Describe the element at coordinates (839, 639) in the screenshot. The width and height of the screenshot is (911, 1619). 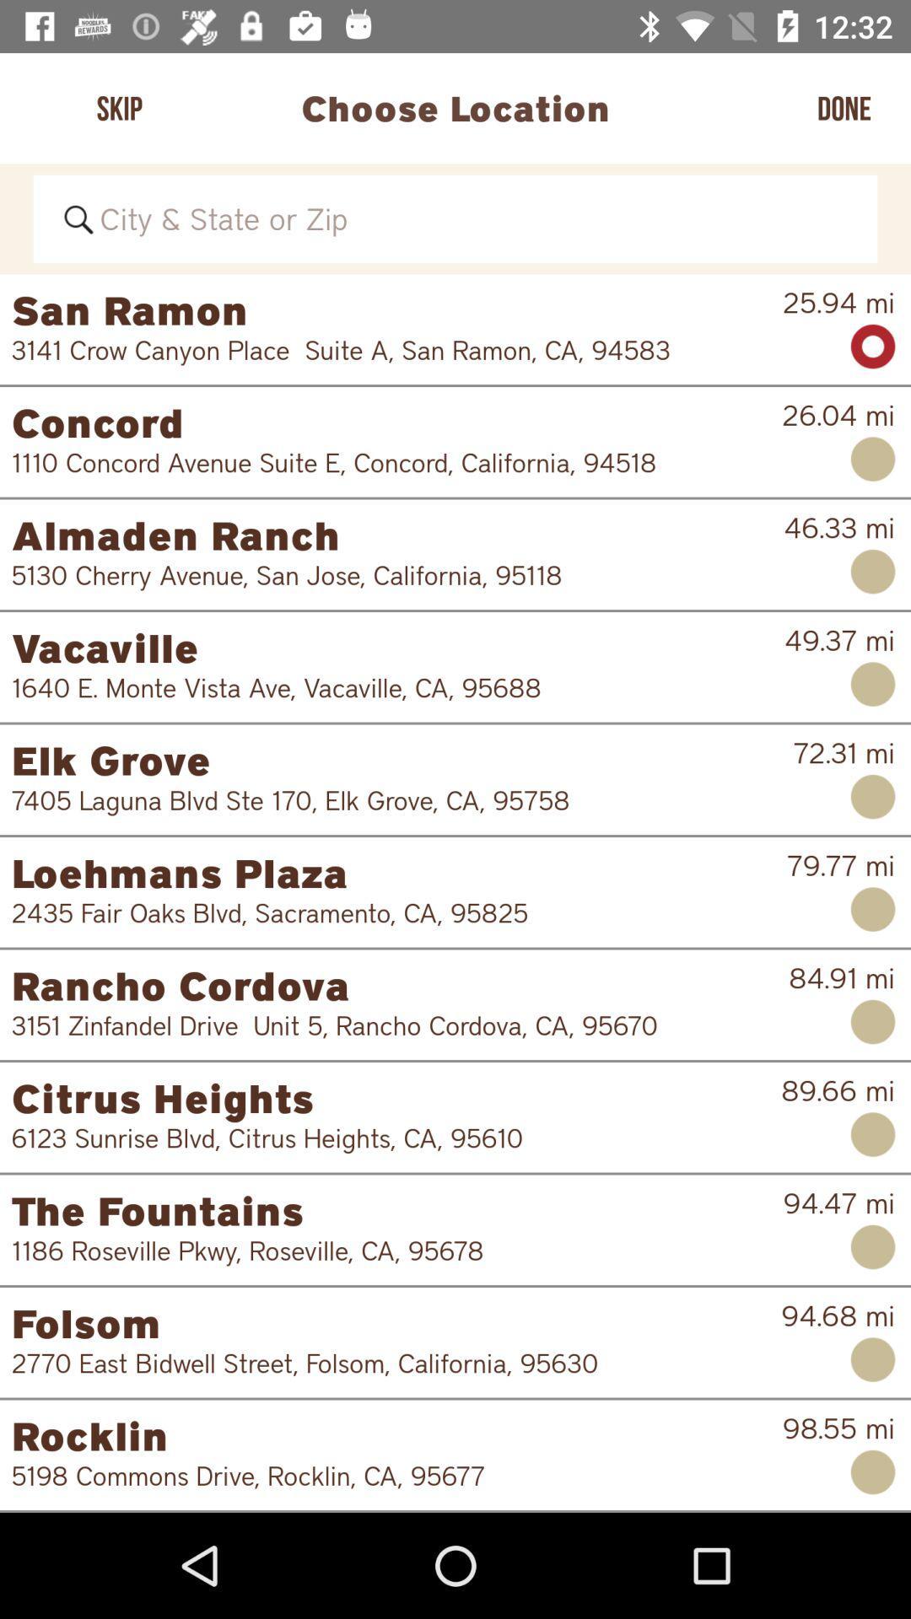
I see `the item next to vacaville item` at that location.